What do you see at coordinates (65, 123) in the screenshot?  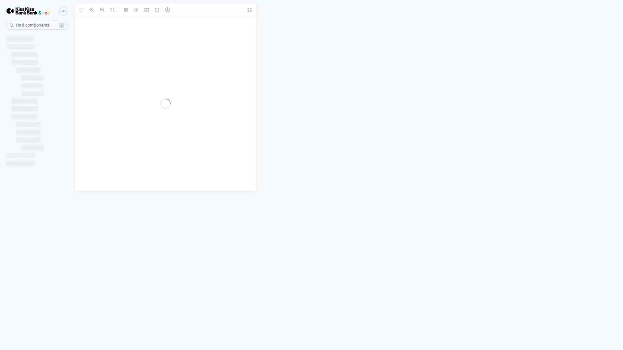 I see `expand` at bounding box center [65, 123].